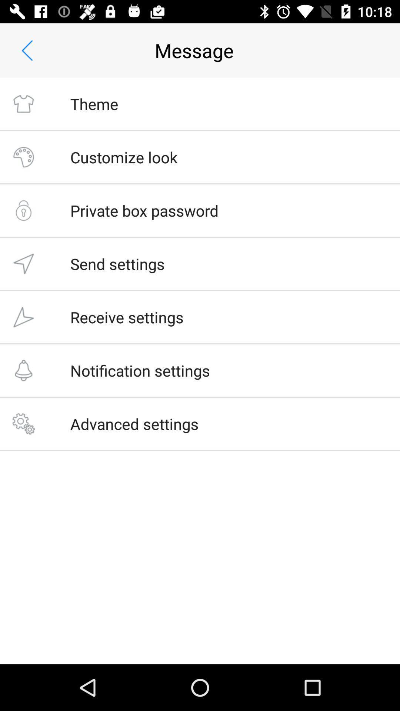 This screenshot has width=400, height=711. What do you see at coordinates (23, 157) in the screenshot?
I see `on second icon from the top` at bounding box center [23, 157].